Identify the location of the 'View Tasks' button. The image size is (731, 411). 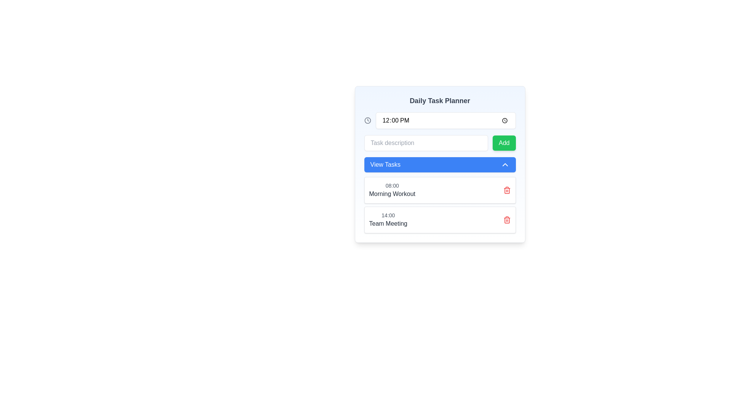
(440, 164).